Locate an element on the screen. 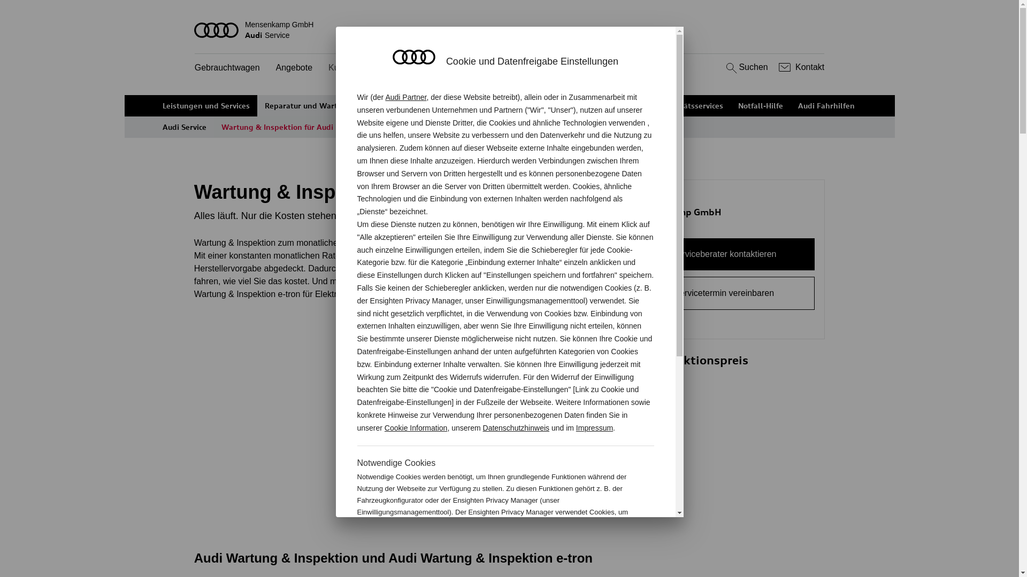 The image size is (1027, 577). 'Audi Service' is located at coordinates (185, 127).